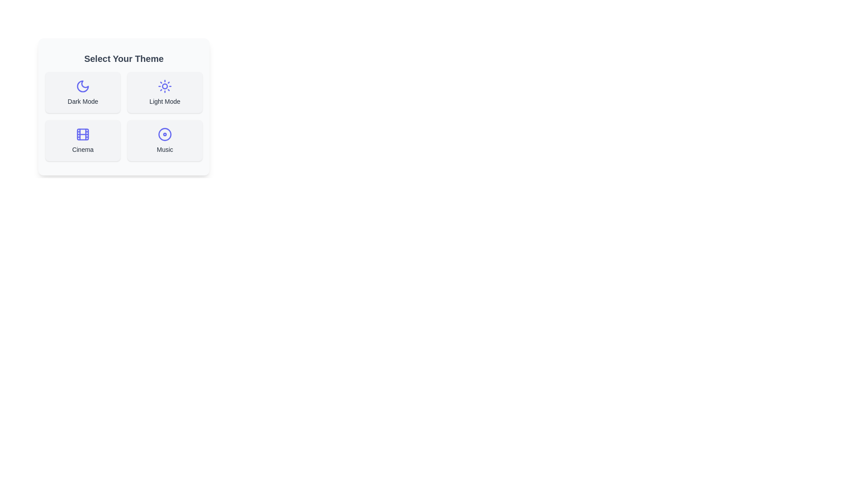 This screenshot has width=856, height=481. Describe the element at coordinates (165, 134) in the screenshot. I see `the circular graphic element styled in blue, which is part of the music-themed icon in the grid layout` at that location.